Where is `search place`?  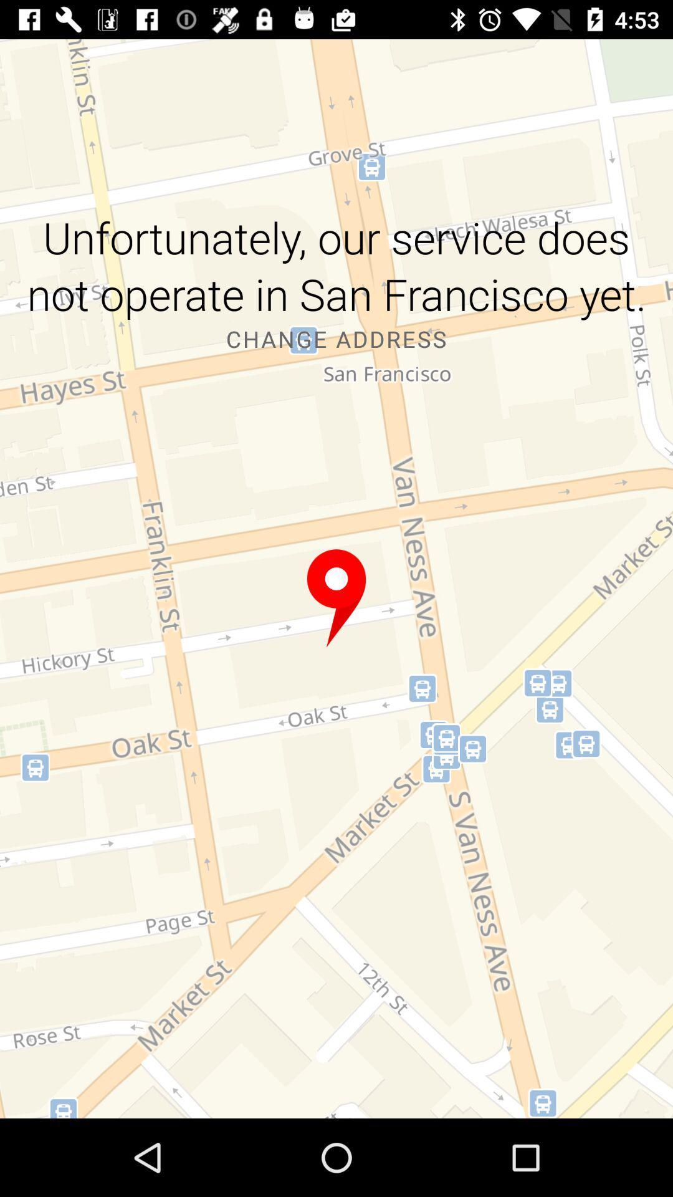
search place is located at coordinates (336, 598).